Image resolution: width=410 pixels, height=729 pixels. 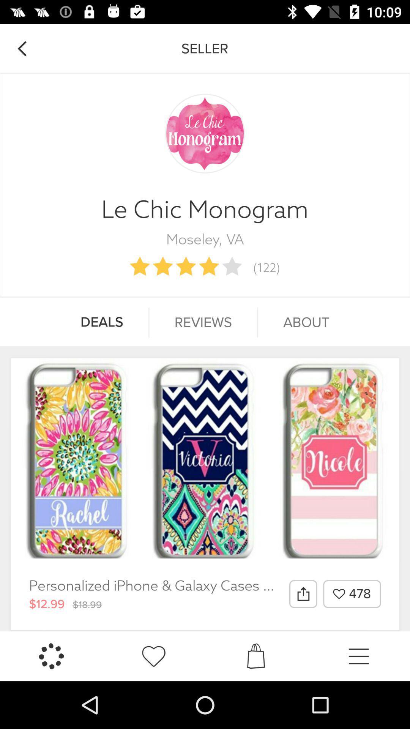 I want to click on item next to about, so click(x=203, y=322).